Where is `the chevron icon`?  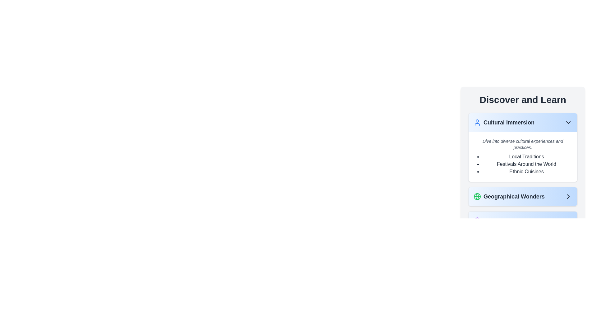
the chevron icon is located at coordinates (568, 197).